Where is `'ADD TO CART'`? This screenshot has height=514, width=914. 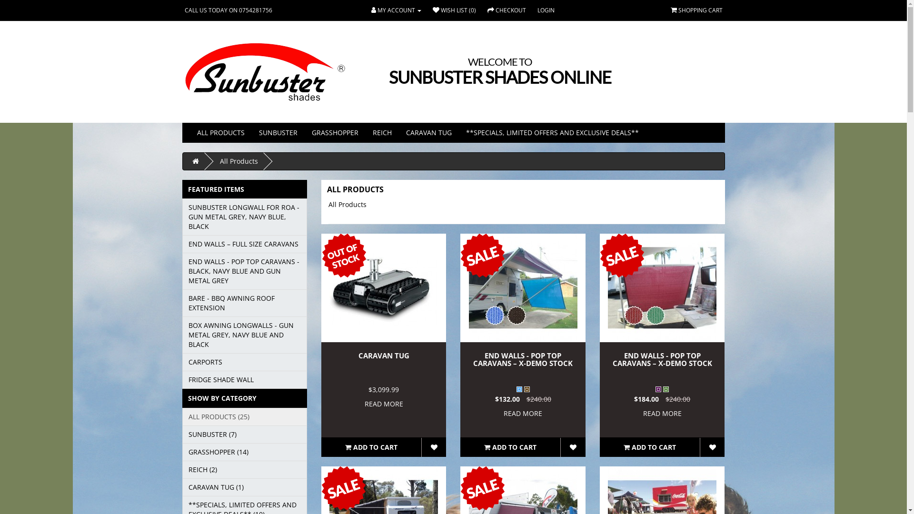 'ADD TO CART' is located at coordinates (649, 447).